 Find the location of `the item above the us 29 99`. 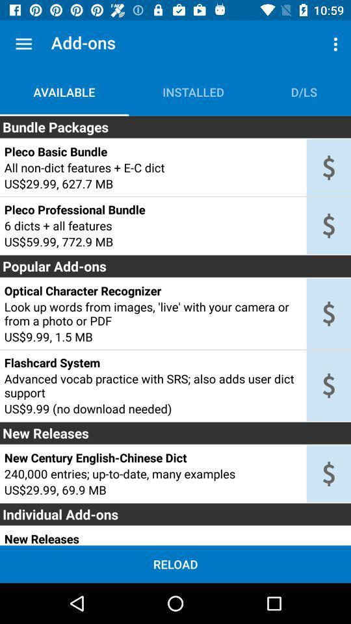

the item above the us 29 99 is located at coordinates (152, 473).